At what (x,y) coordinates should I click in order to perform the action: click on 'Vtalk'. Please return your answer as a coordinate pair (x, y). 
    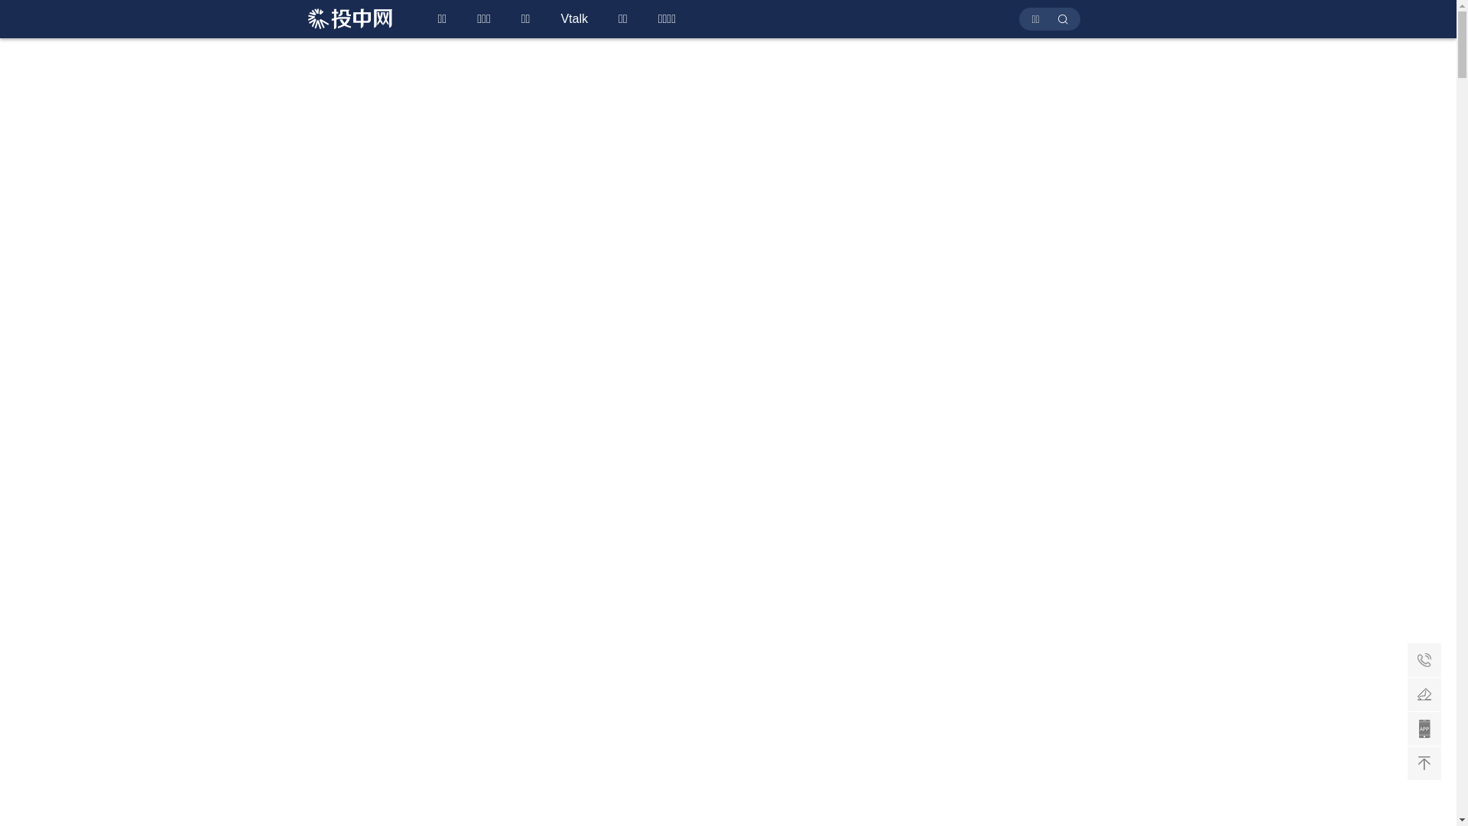
    Looking at the image, I should click on (573, 18).